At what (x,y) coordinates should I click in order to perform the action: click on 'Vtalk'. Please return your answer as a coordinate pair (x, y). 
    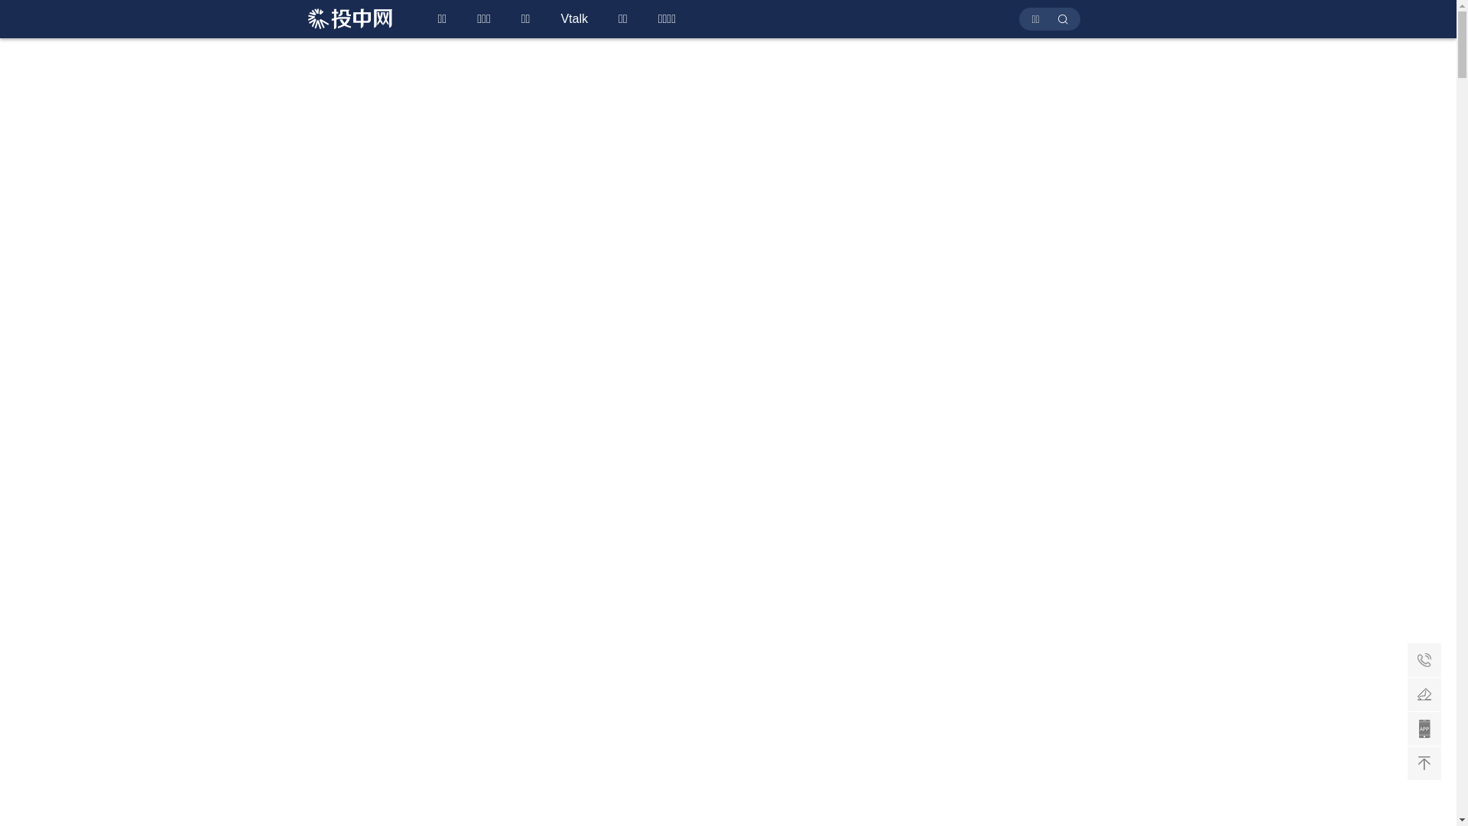
    Looking at the image, I should click on (573, 18).